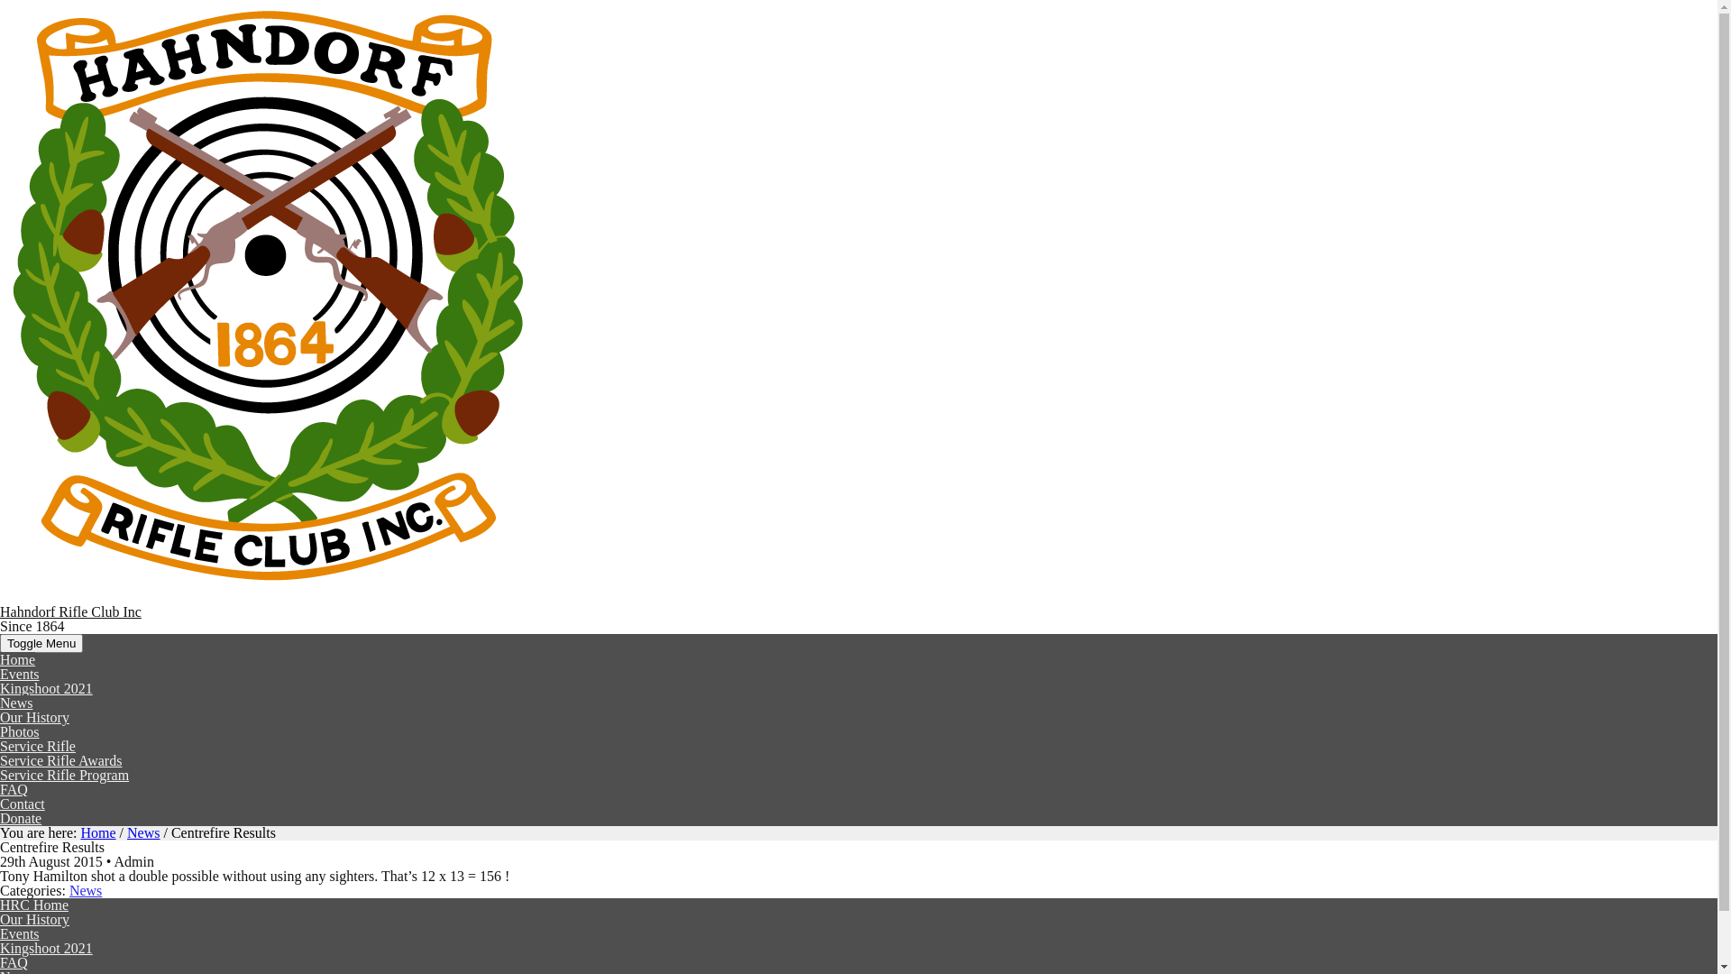  I want to click on 'Kingshoot 2021', so click(46, 947).